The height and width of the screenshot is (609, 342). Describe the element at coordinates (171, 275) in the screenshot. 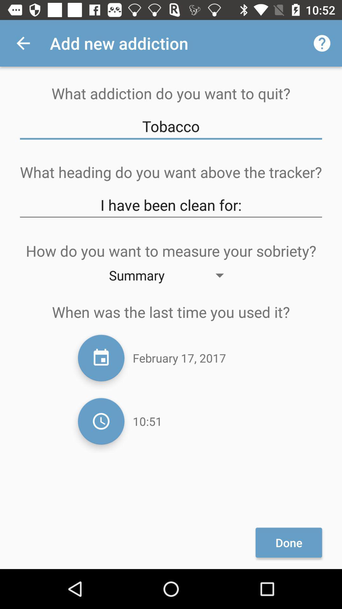

I see `the button summary` at that location.